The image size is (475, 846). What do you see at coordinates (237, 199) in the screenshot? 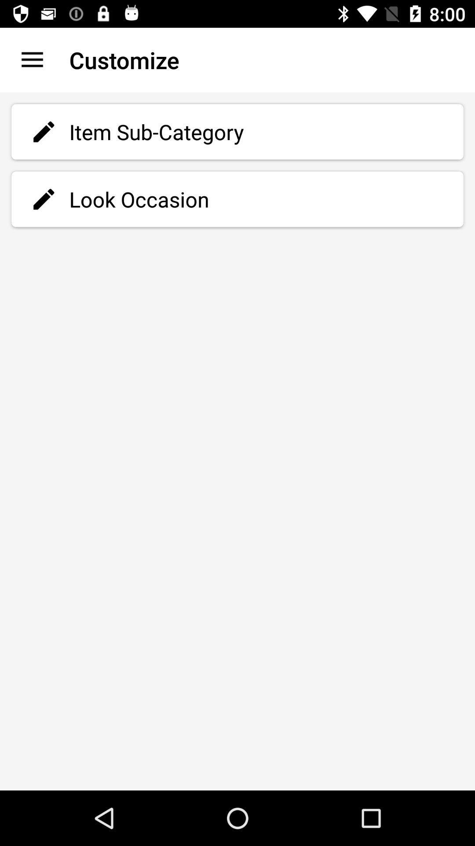
I see `look occasion icon` at bounding box center [237, 199].